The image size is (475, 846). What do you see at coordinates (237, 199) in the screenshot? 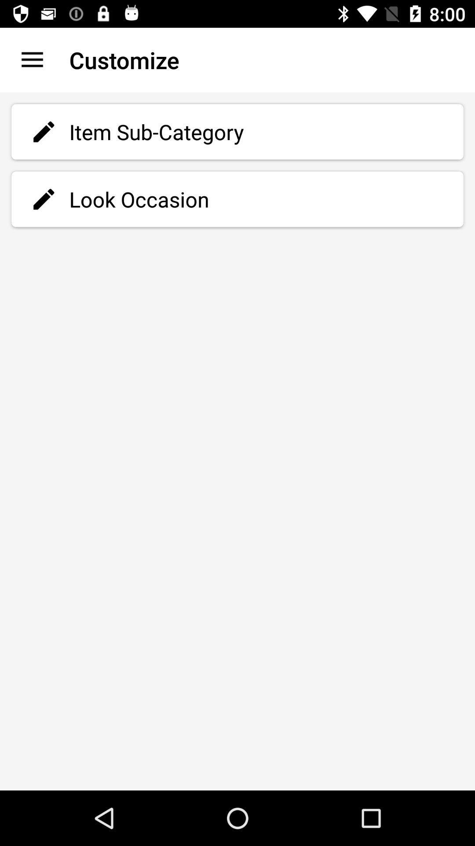
I see `look occasion icon` at bounding box center [237, 199].